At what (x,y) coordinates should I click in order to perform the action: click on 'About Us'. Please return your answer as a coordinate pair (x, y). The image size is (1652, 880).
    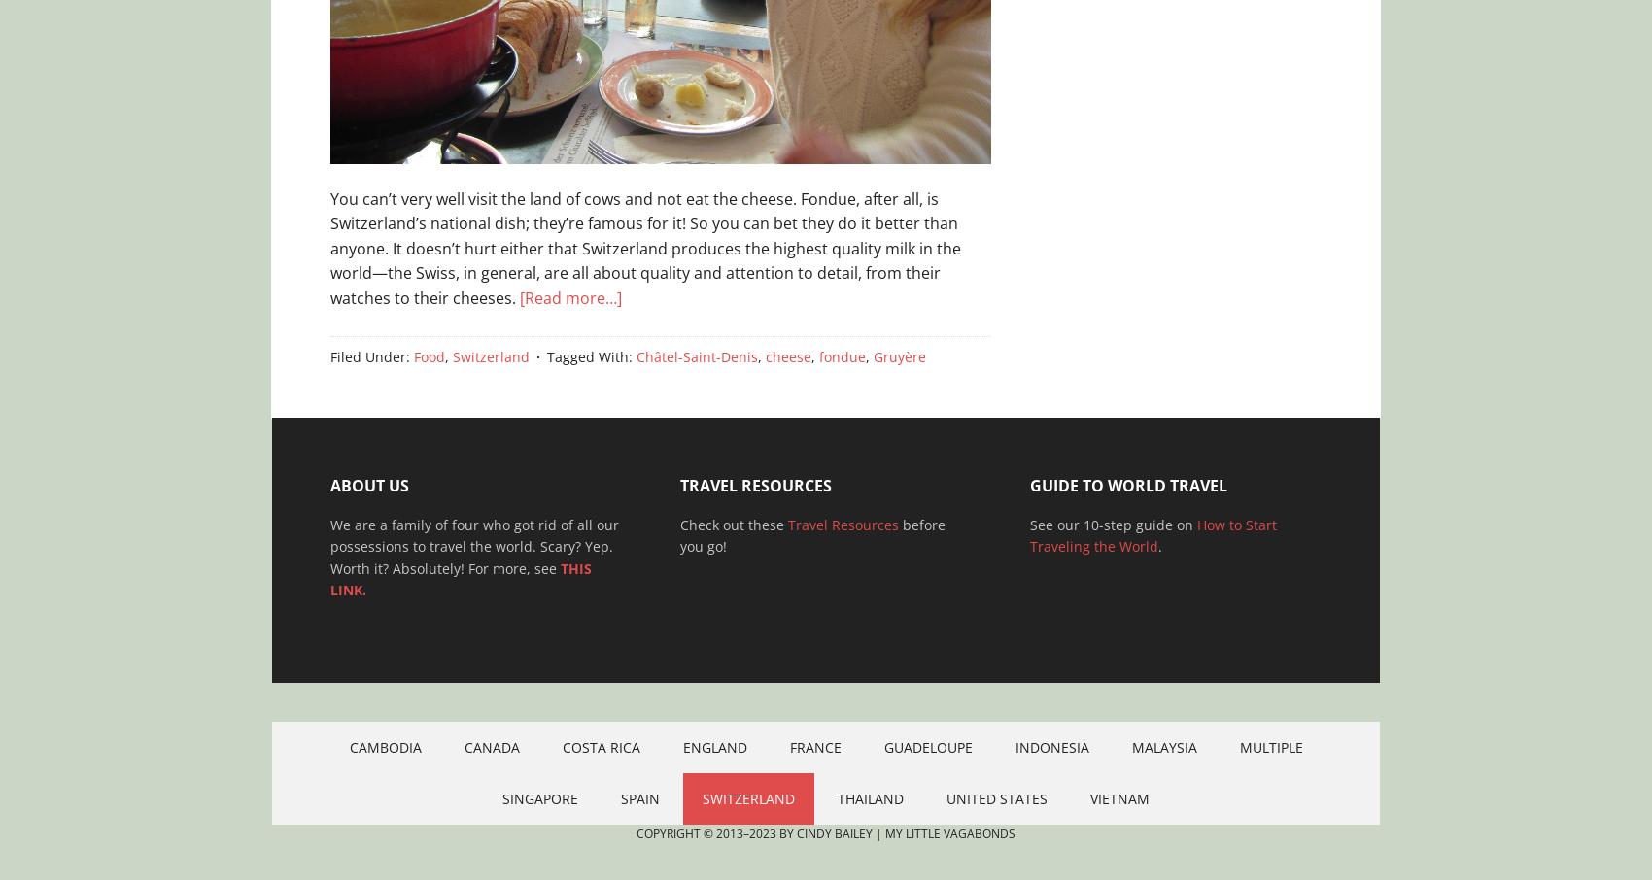
    Looking at the image, I should click on (368, 485).